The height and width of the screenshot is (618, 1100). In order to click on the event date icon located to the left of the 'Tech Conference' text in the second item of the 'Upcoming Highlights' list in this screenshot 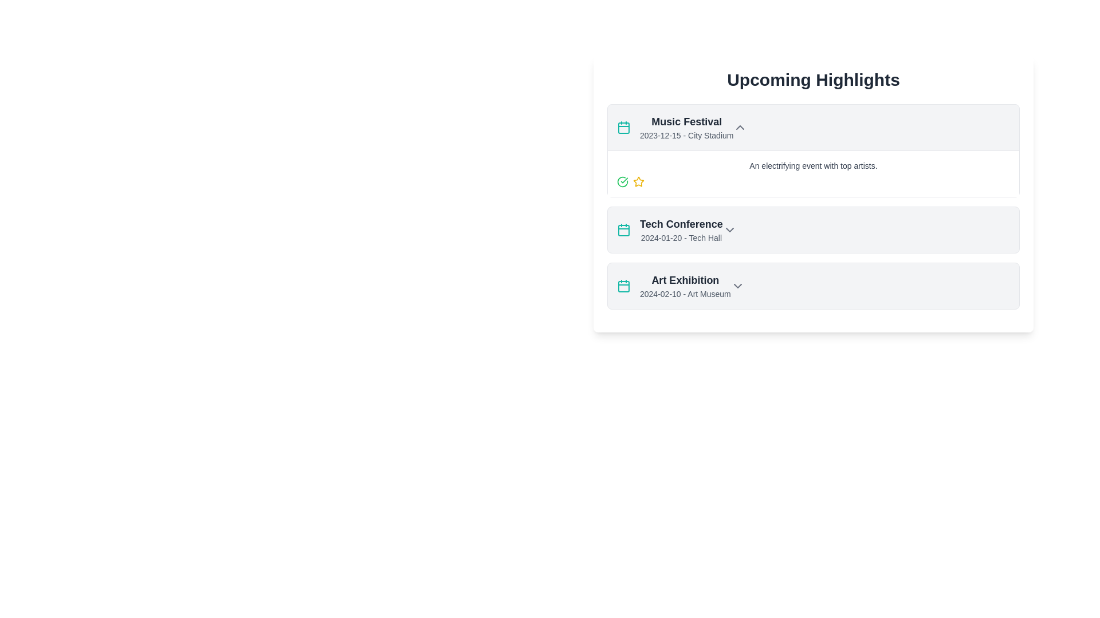, I will do `click(623, 229)`.